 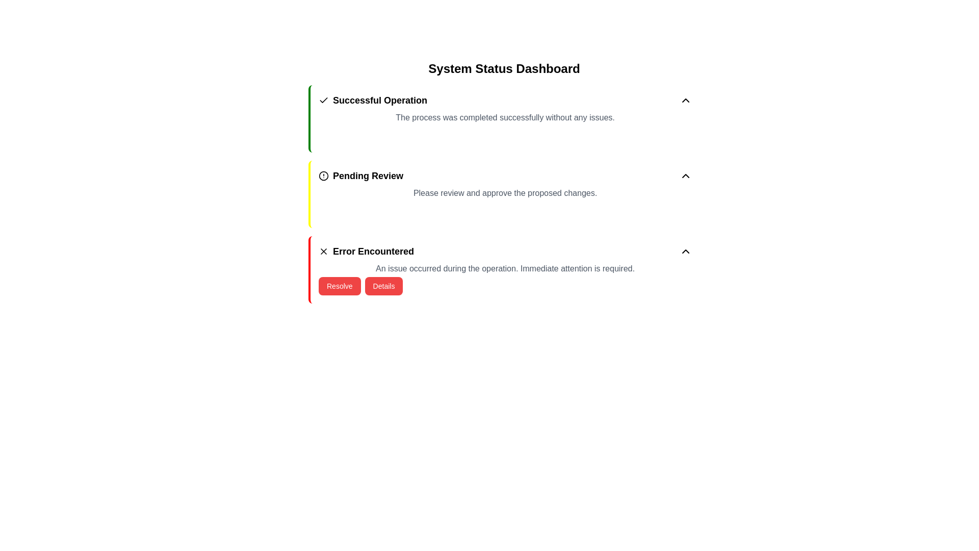 I want to click on the text label displaying 'Error Encountered', which is styled in bold and slightly enlarged font, located in the System Status Dashboard, so click(x=373, y=252).